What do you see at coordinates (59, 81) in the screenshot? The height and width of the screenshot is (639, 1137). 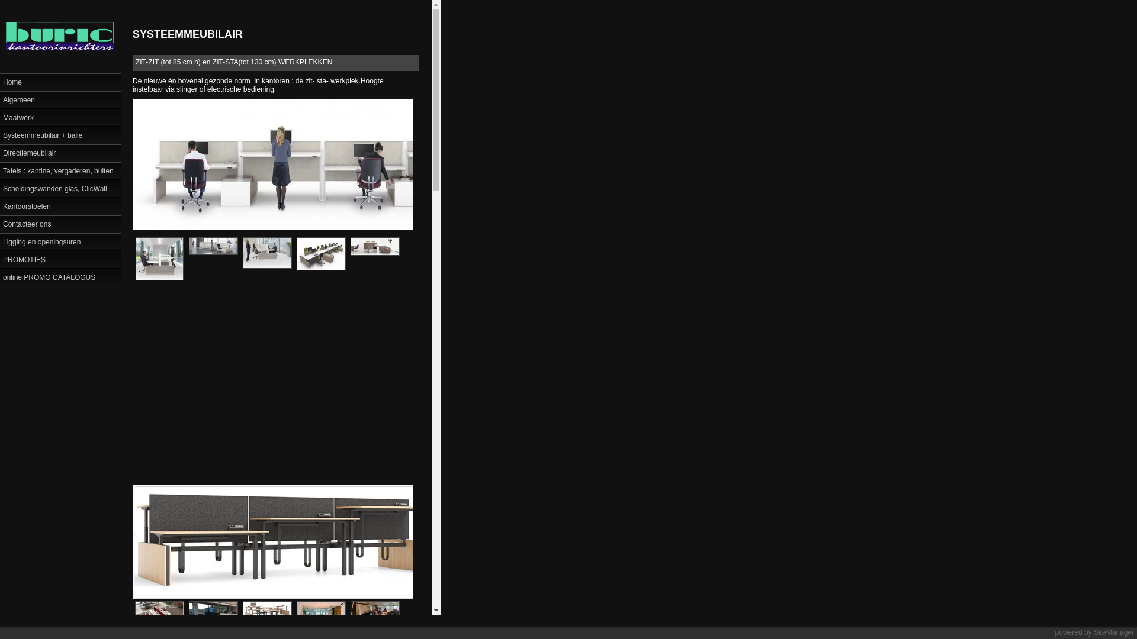 I see `'Home'` at bounding box center [59, 81].